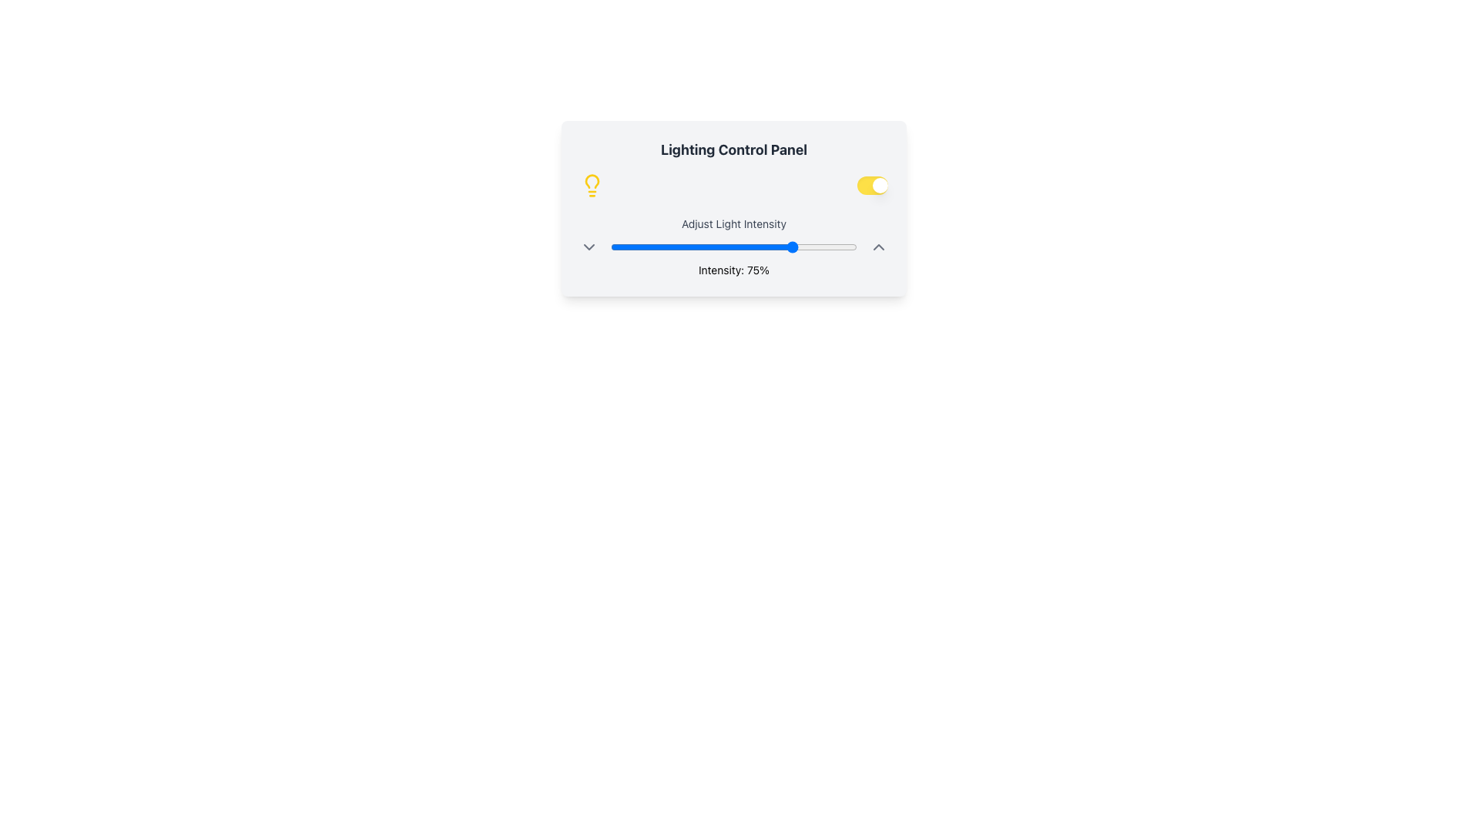 This screenshot has height=832, width=1479. What do you see at coordinates (879, 246) in the screenshot?
I see `the chevron-up icon, which is an upward-pointing triangle with a gray border located at the far-right end of the horizontal layout grouping` at bounding box center [879, 246].